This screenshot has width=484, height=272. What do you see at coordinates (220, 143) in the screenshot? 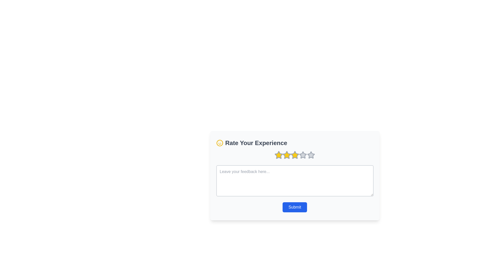
I see `the decorative icon located before the 'Rate Your Experience' section, which symbolizes positive engagement or feedback` at bounding box center [220, 143].